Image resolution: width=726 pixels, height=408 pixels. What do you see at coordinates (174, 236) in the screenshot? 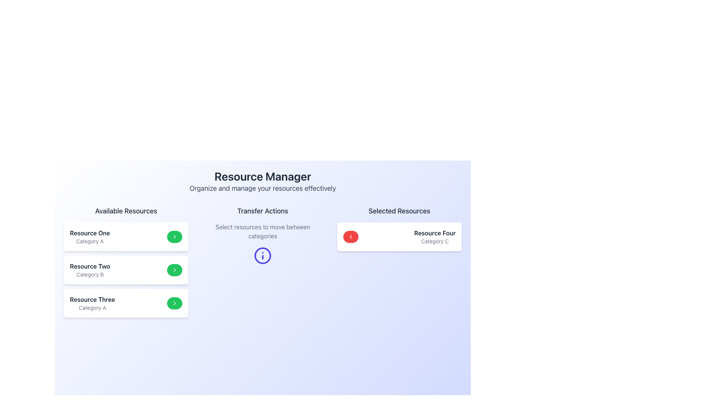
I see `the button located on the right side of the 'Resource One' card in the 'Available Resources' section` at bounding box center [174, 236].